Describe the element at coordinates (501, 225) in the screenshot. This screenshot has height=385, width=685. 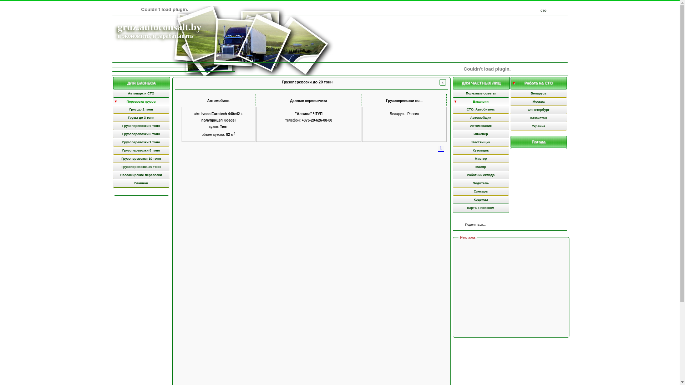
I see `'Facebook'` at that location.